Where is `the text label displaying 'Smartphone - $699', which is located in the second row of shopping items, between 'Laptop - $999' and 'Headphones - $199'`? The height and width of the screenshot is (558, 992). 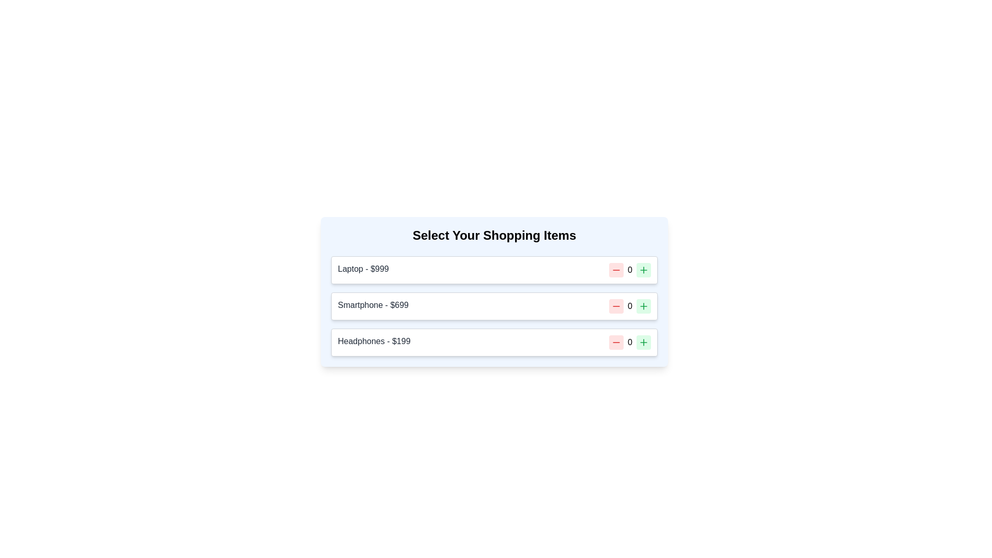 the text label displaying 'Smartphone - $699', which is located in the second row of shopping items, between 'Laptop - $999' and 'Headphones - $199' is located at coordinates (373, 306).